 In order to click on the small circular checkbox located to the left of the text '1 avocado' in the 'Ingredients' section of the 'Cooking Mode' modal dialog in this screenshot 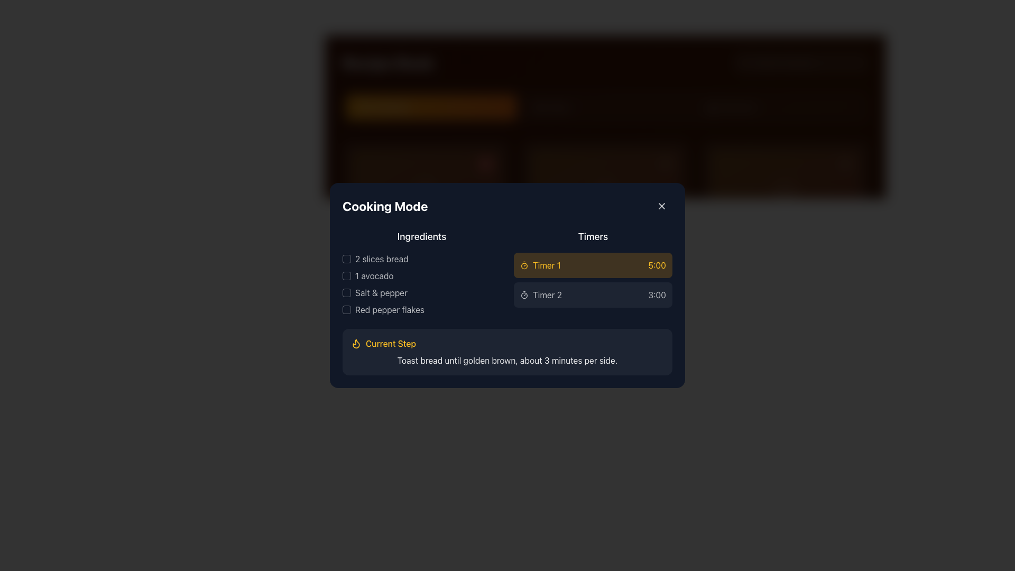, I will do `click(347, 275)`.